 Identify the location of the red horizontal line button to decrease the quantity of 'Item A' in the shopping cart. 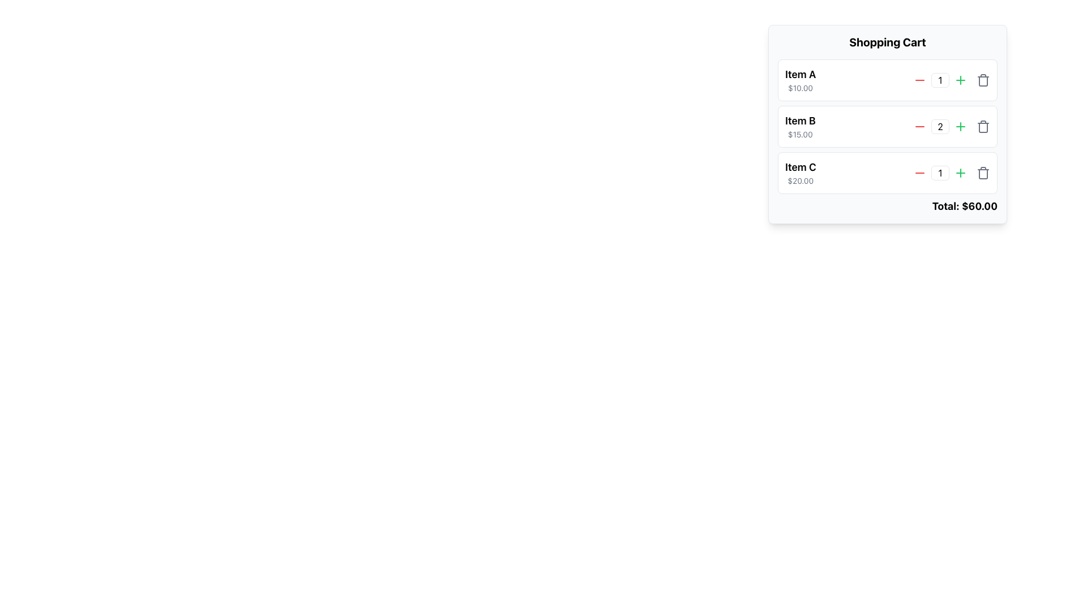
(920, 80).